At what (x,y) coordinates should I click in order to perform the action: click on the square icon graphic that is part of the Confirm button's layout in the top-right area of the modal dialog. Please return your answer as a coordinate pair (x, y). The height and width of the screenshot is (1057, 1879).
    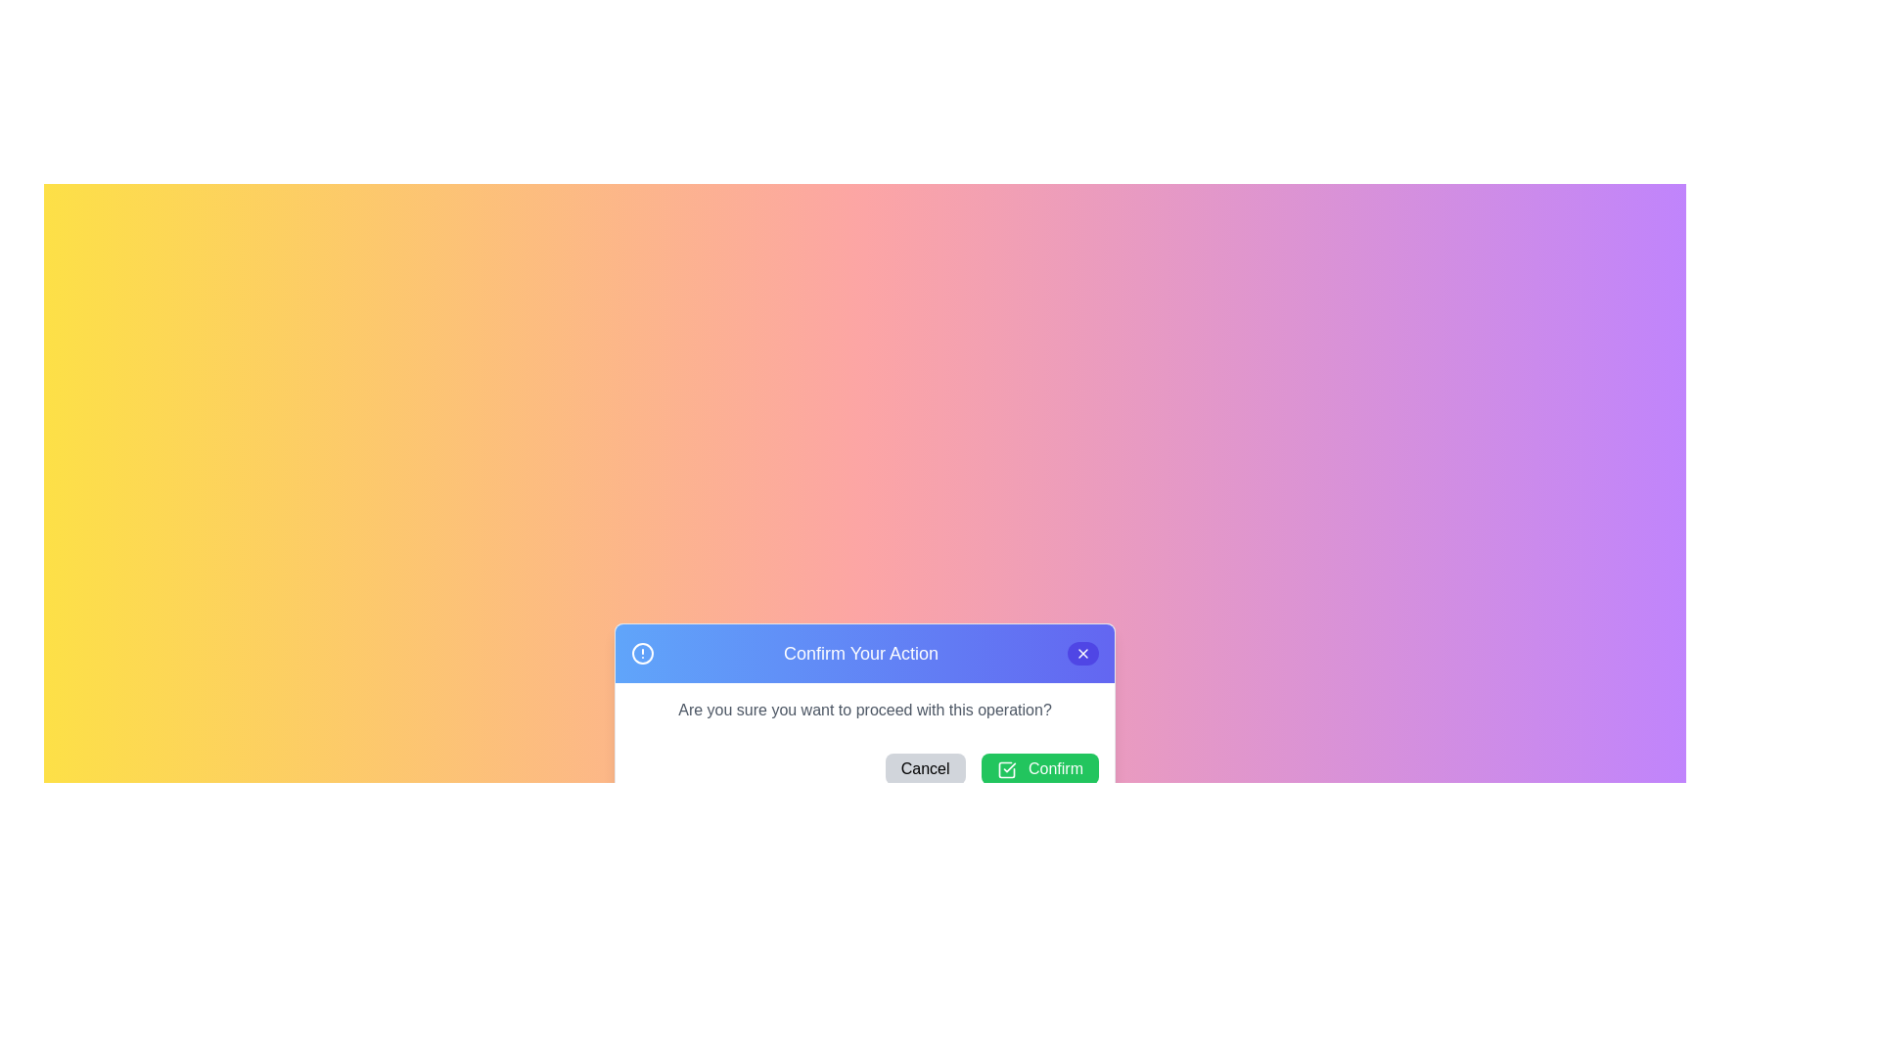
    Looking at the image, I should click on (1006, 768).